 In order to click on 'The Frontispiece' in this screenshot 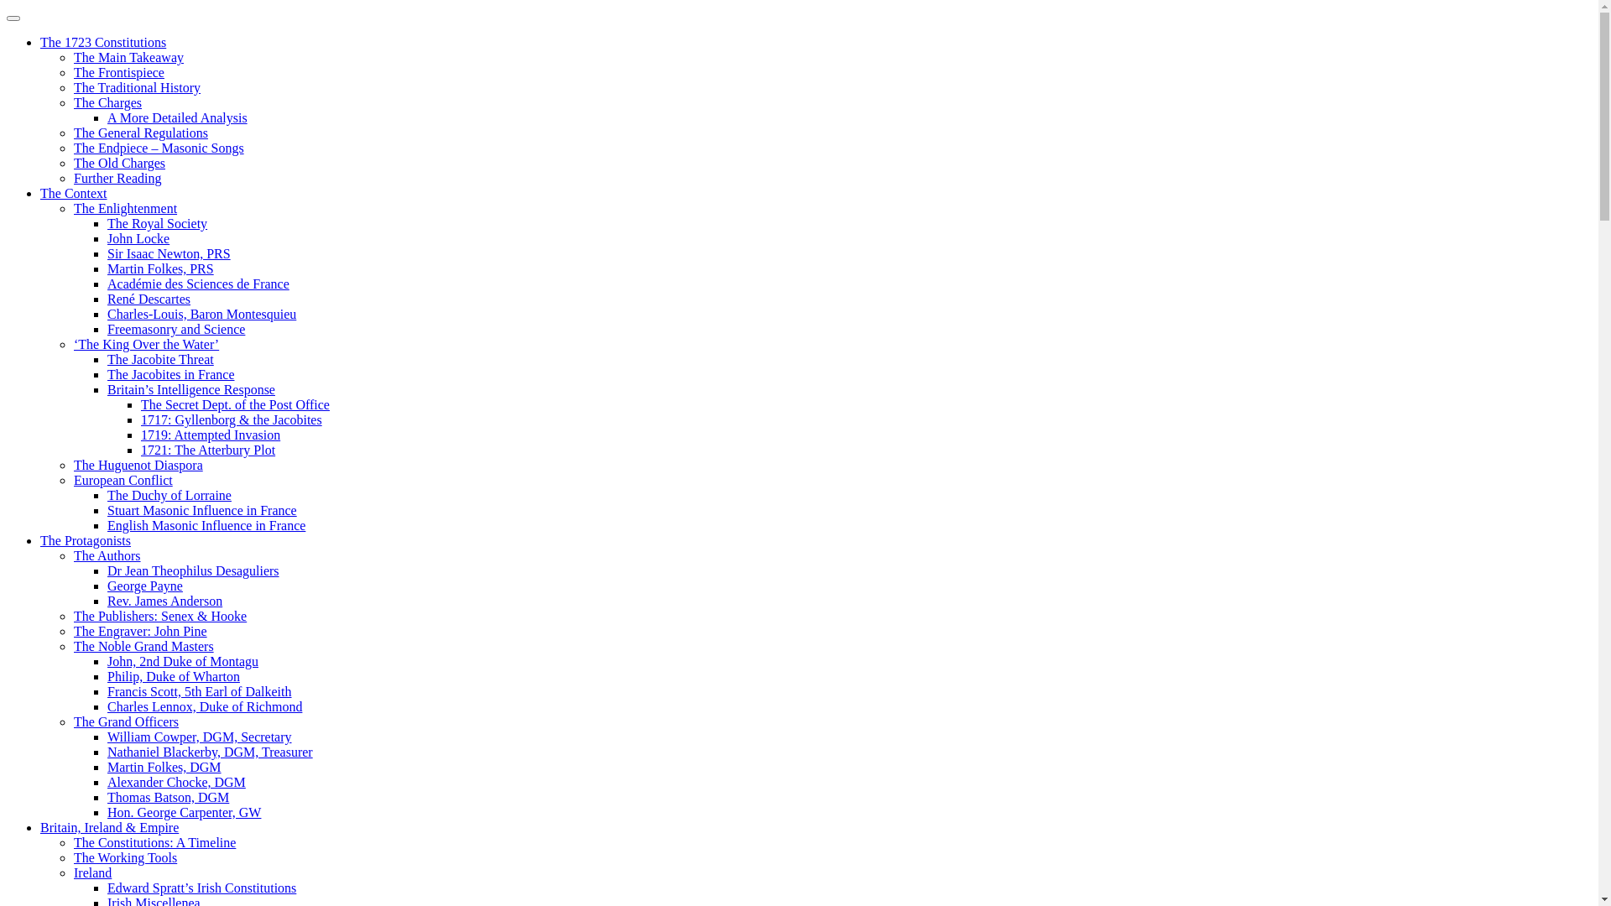, I will do `click(118, 71)`.